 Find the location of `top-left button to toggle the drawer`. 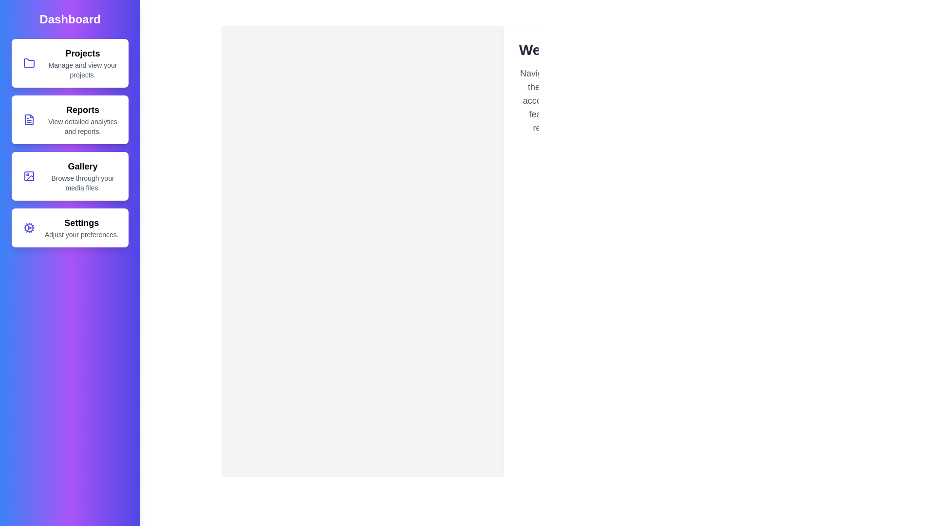

top-left button to toggle the drawer is located at coordinates (19, 19).